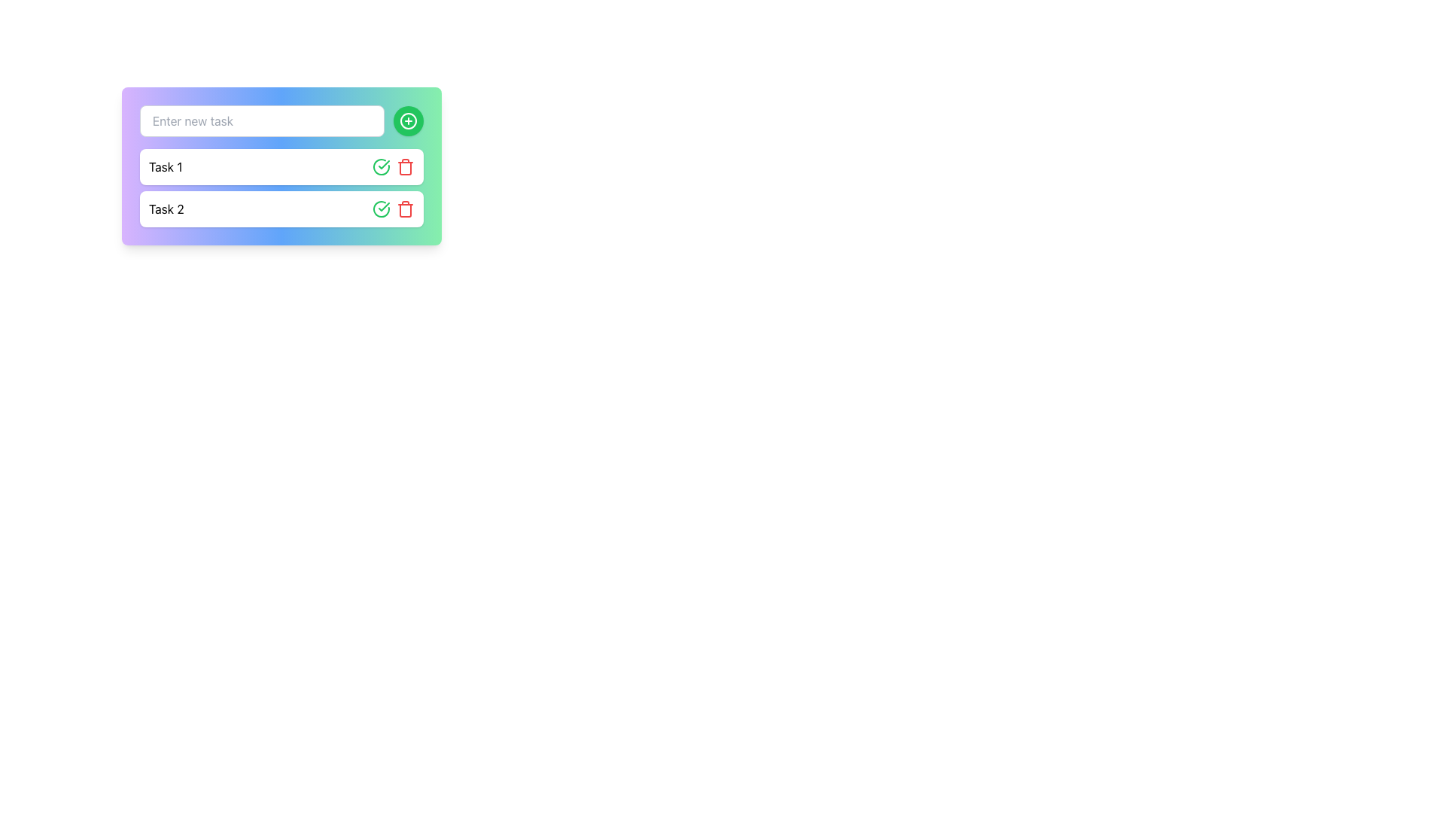  What do you see at coordinates (382, 209) in the screenshot?
I see `the green circular button with a checkmark to mark 'Task 1' as completed` at bounding box center [382, 209].